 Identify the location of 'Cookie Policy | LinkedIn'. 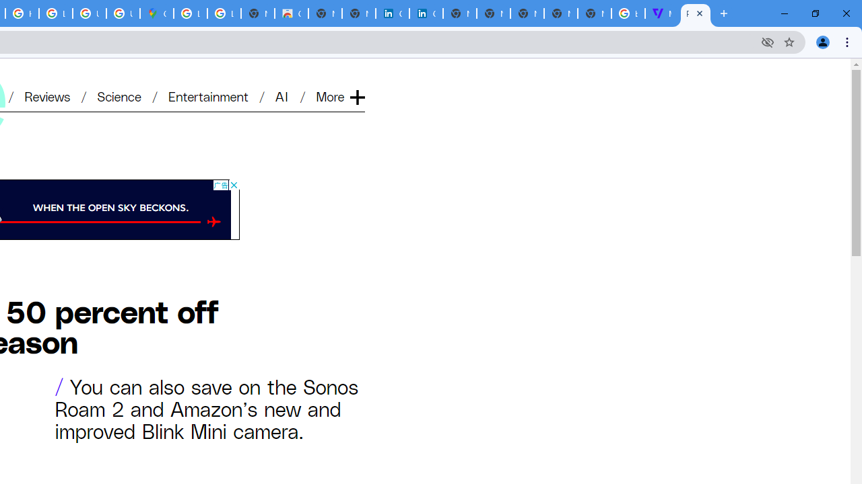
(392, 13).